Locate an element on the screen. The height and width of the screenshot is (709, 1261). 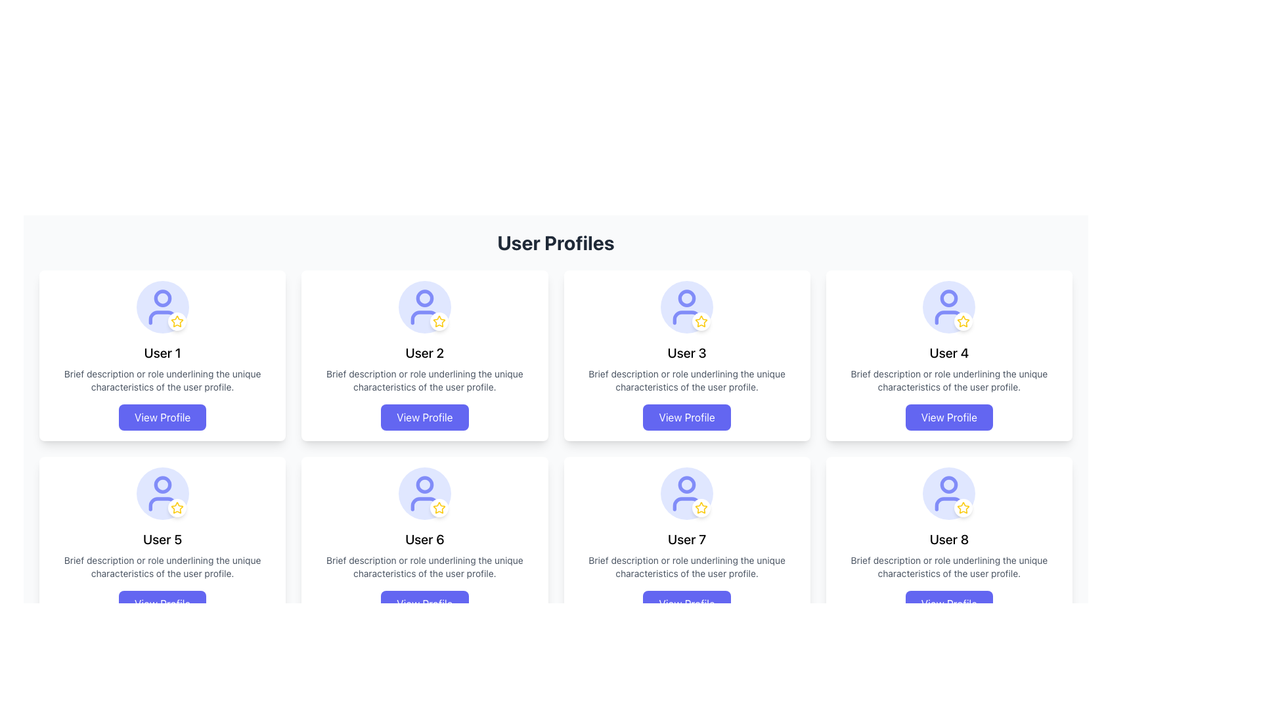
the graphical icon representing 'User 4' located in the top-right segment of the user profile grid is located at coordinates (949, 307).